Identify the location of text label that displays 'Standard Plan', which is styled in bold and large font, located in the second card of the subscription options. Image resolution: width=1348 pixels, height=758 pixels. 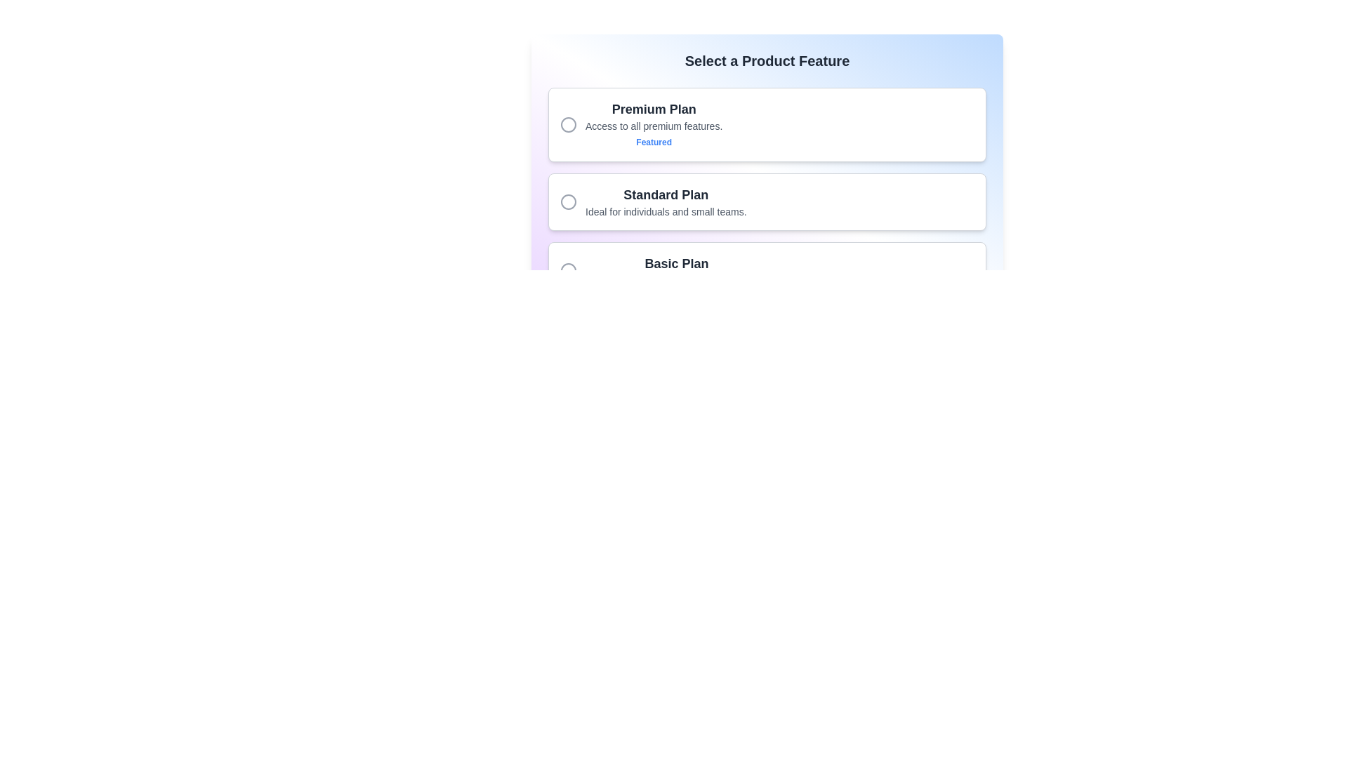
(665, 194).